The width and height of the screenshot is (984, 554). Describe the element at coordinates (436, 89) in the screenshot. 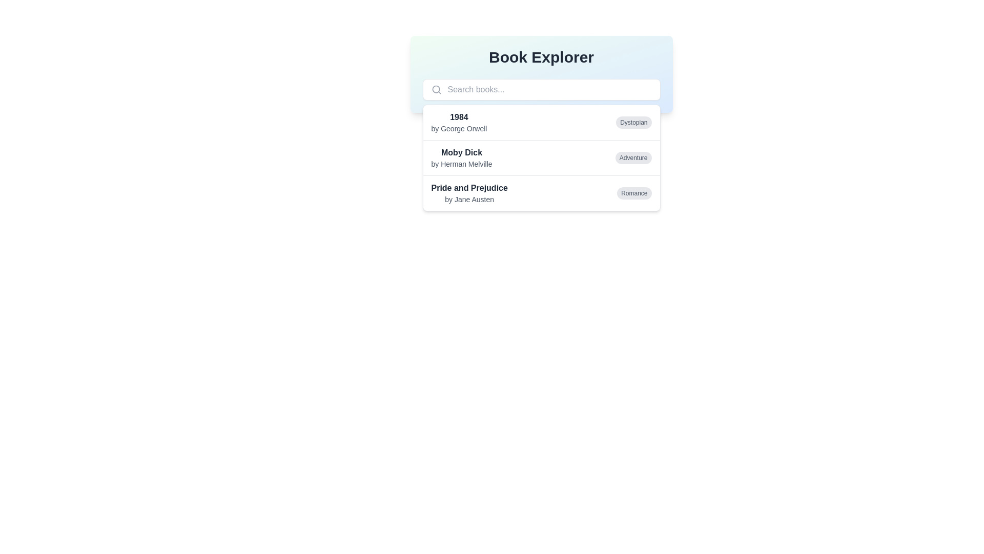

I see `the inner circular part of the SVG icon representing the search functionality located at the left side of the search input field under the main title 'Book Explorer'` at that location.